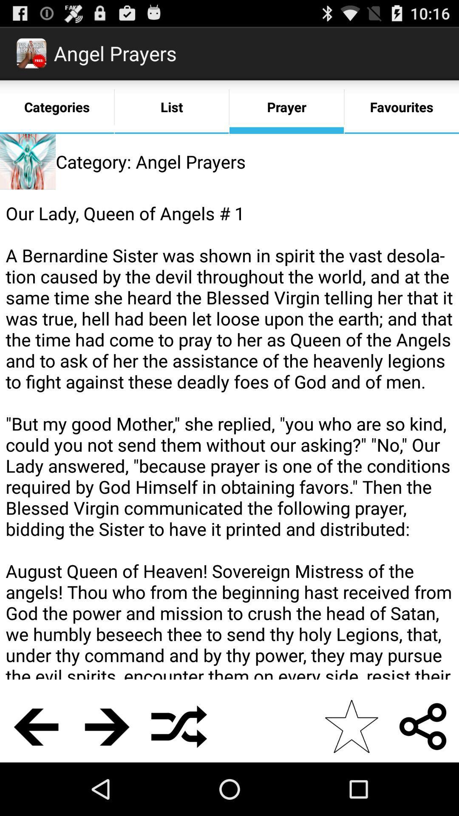 The height and width of the screenshot is (816, 459). What do you see at coordinates (107, 777) in the screenshot?
I see `the arrow_forward icon` at bounding box center [107, 777].